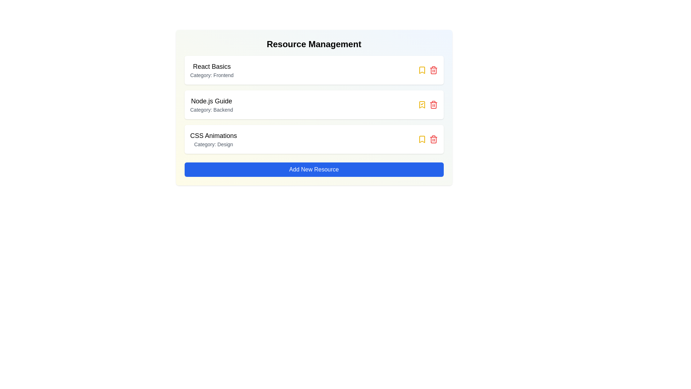 This screenshot has width=691, height=389. What do you see at coordinates (433, 139) in the screenshot?
I see `trash icon for the resource titled 'CSS Animations'` at bounding box center [433, 139].